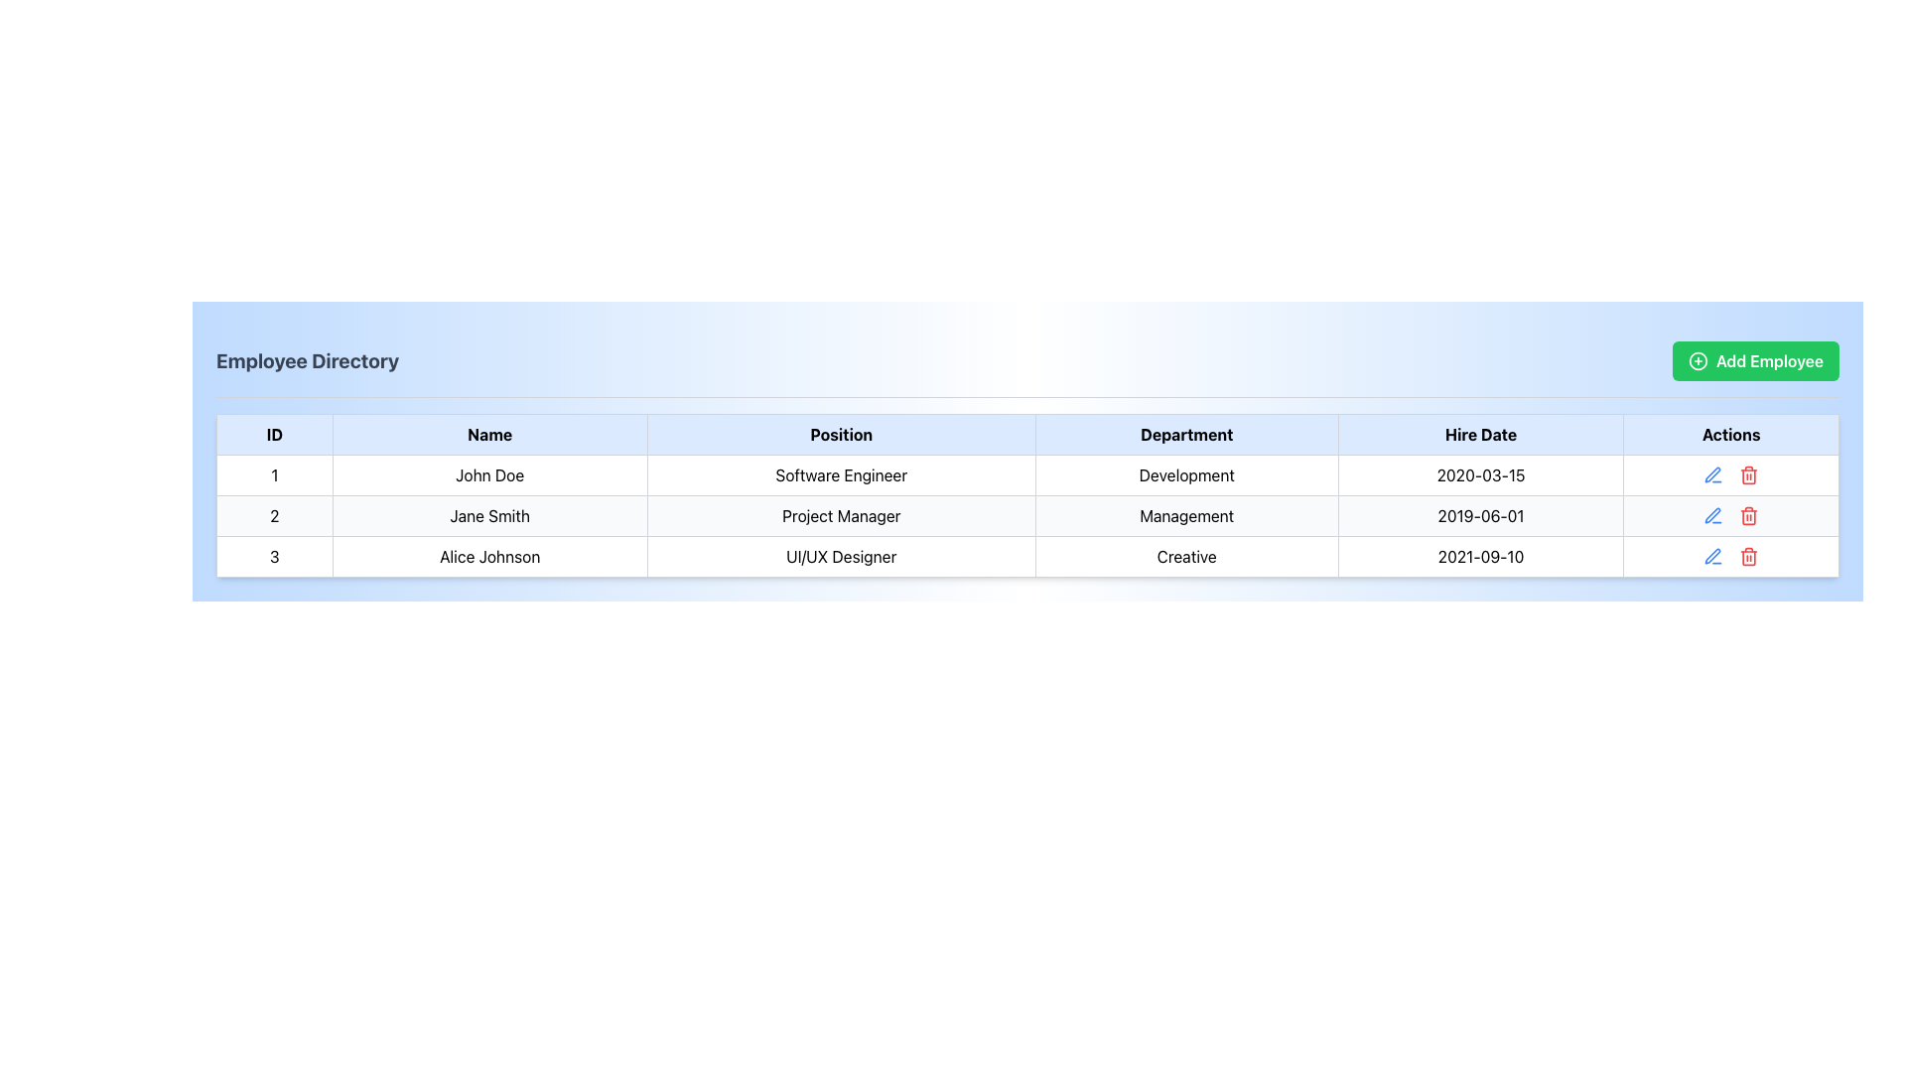 This screenshot has width=1906, height=1072. What do you see at coordinates (1027, 515) in the screenshot?
I see `the second table row displaying details for 'Jane Smith', which includes ID, name, position, department, hire date, and available actions` at bounding box center [1027, 515].